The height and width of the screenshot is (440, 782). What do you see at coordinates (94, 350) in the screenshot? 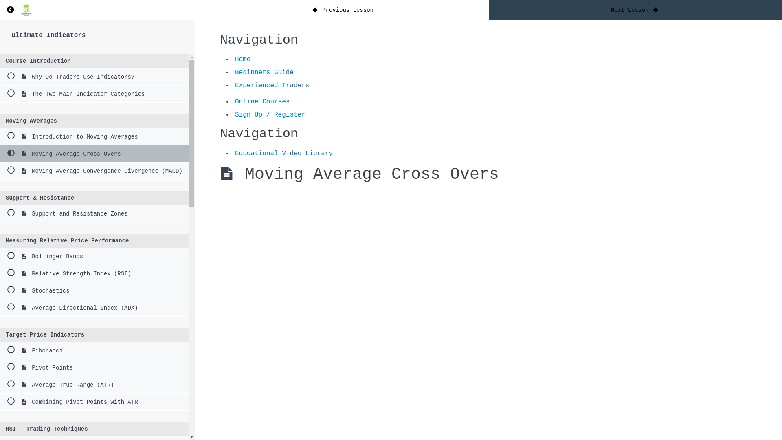
I see `'Fibonacci'` at bounding box center [94, 350].